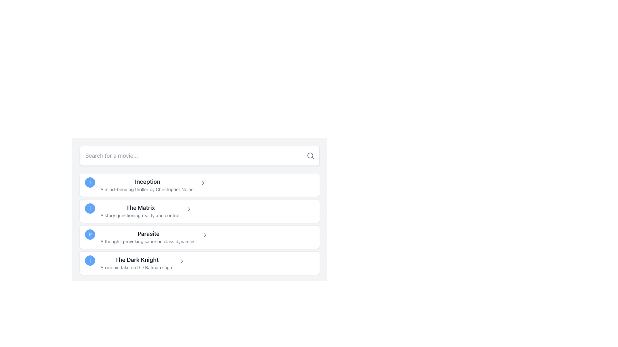 Image resolution: width=618 pixels, height=347 pixels. Describe the element at coordinates (136, 268) in the screenshot. I see `description of the movie 'The Dark Knight' located in the fourth position of the vertical list beneath its title` at that location.